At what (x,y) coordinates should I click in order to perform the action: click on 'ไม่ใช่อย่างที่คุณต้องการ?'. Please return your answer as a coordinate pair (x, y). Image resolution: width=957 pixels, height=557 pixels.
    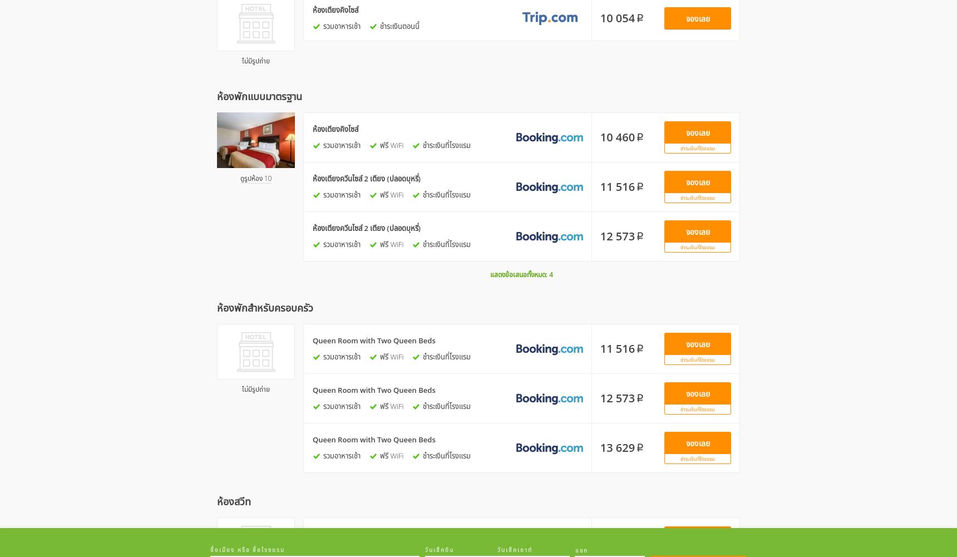
    Looking at the image, I should click on (478, 426).